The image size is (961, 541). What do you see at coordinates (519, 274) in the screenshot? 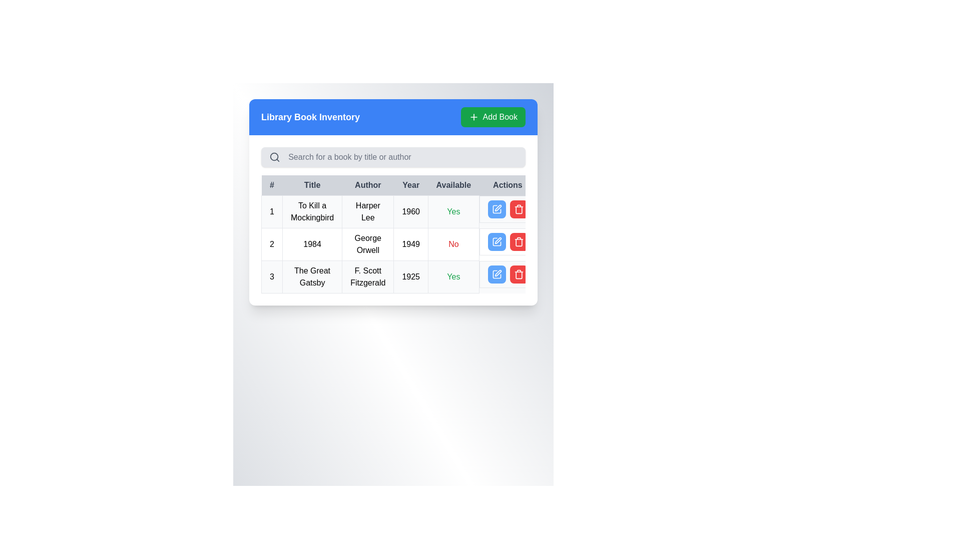
I see `the delete button with a trash can icon located in the 'Actions' column of the row for 'The Great Gatsby'` at bounding box center [519, 274].